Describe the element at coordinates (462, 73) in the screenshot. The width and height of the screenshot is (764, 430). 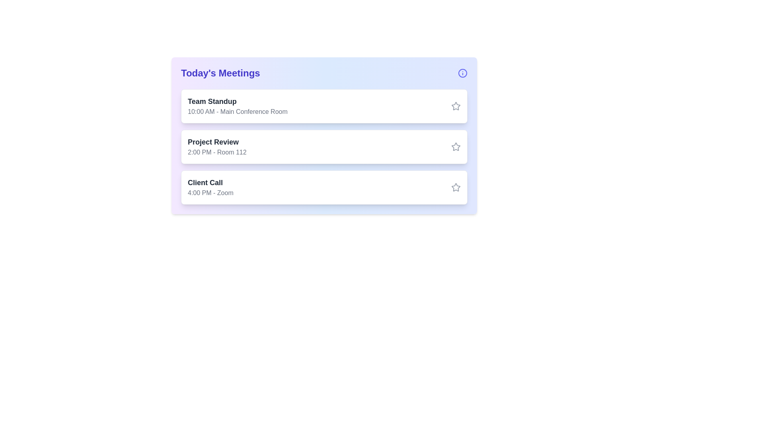
I see `the informational SVG icon located in the top-right corner of the 'Today's Meetings' section` at that location.